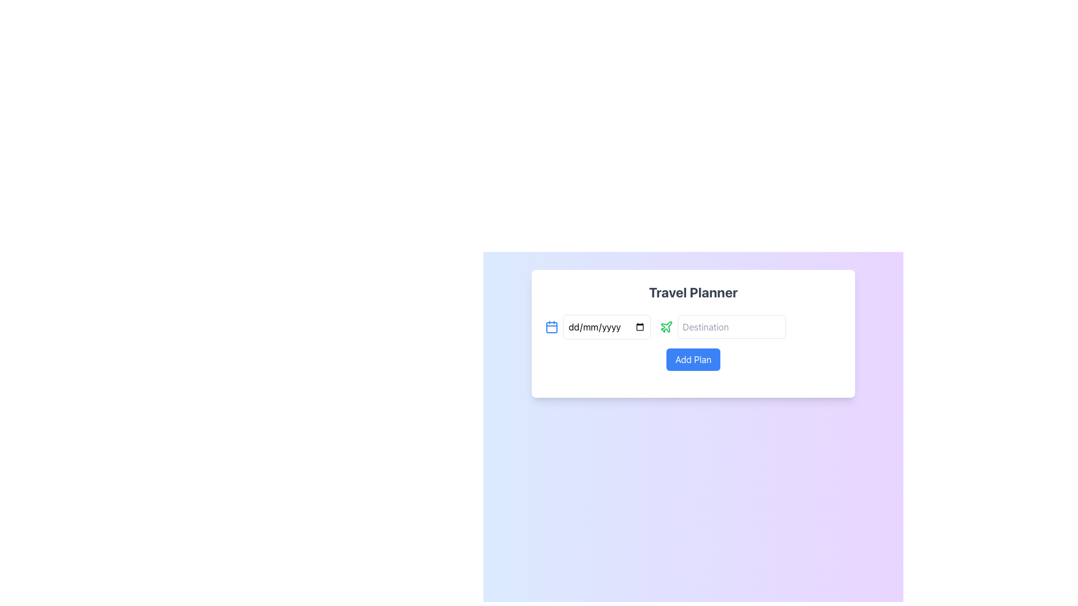  Describe the element at coordinates (552, 327) in the screenshot. I see `the inner rectangle of the calendar icon` at that location.